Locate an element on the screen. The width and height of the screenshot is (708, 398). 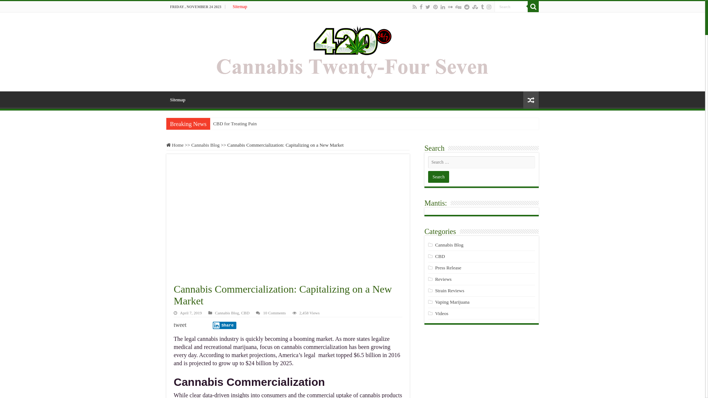
'Pinterest' is located at coordinates (435, 7).